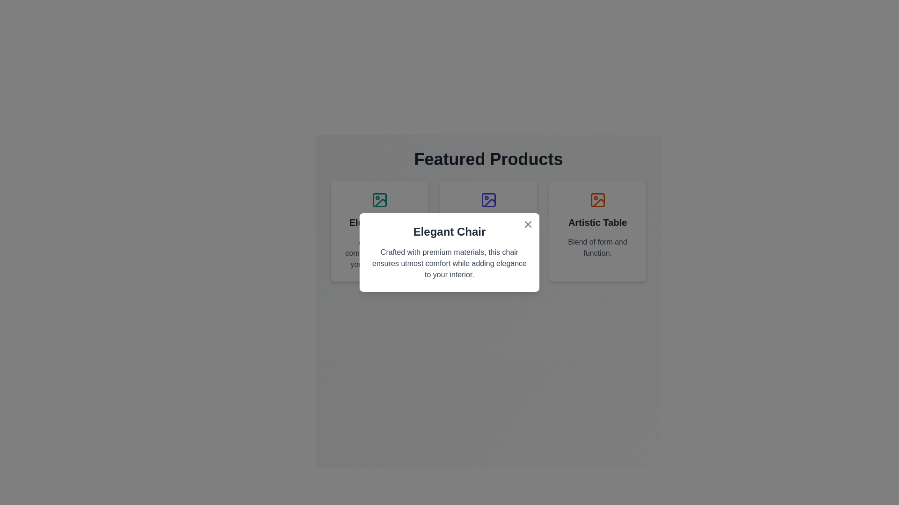  I want to click on the decorative graphical element located within the 'Artistic Table' icon, which is part of a set of three icons and occupies the top left region of the icon, so click(597, 200).